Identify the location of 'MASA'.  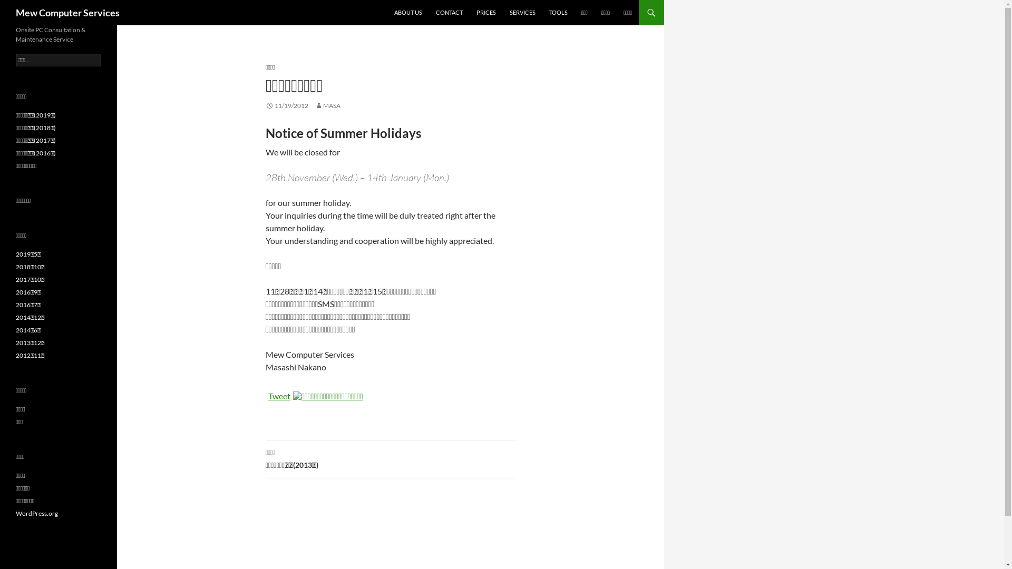
(314, 105).